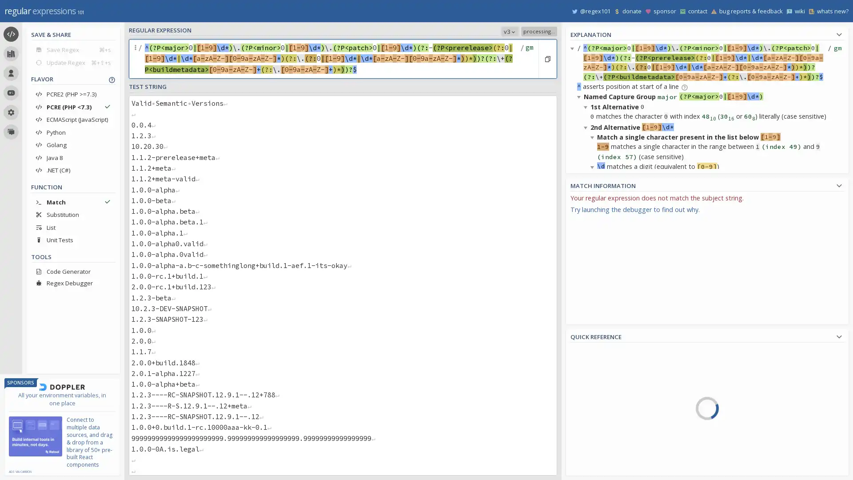 The height and width of the screenshot is (480, 853). What do you see at coordinates (707, 336) in the screenshot?
I see `QUICK REFERENCE` at bounding box center [707, 336].